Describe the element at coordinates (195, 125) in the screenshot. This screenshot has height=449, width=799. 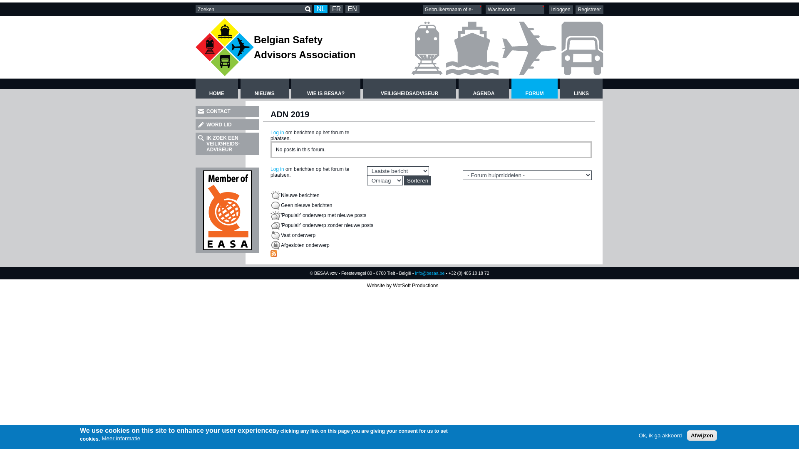
I see `'WORD LID'` at that location.